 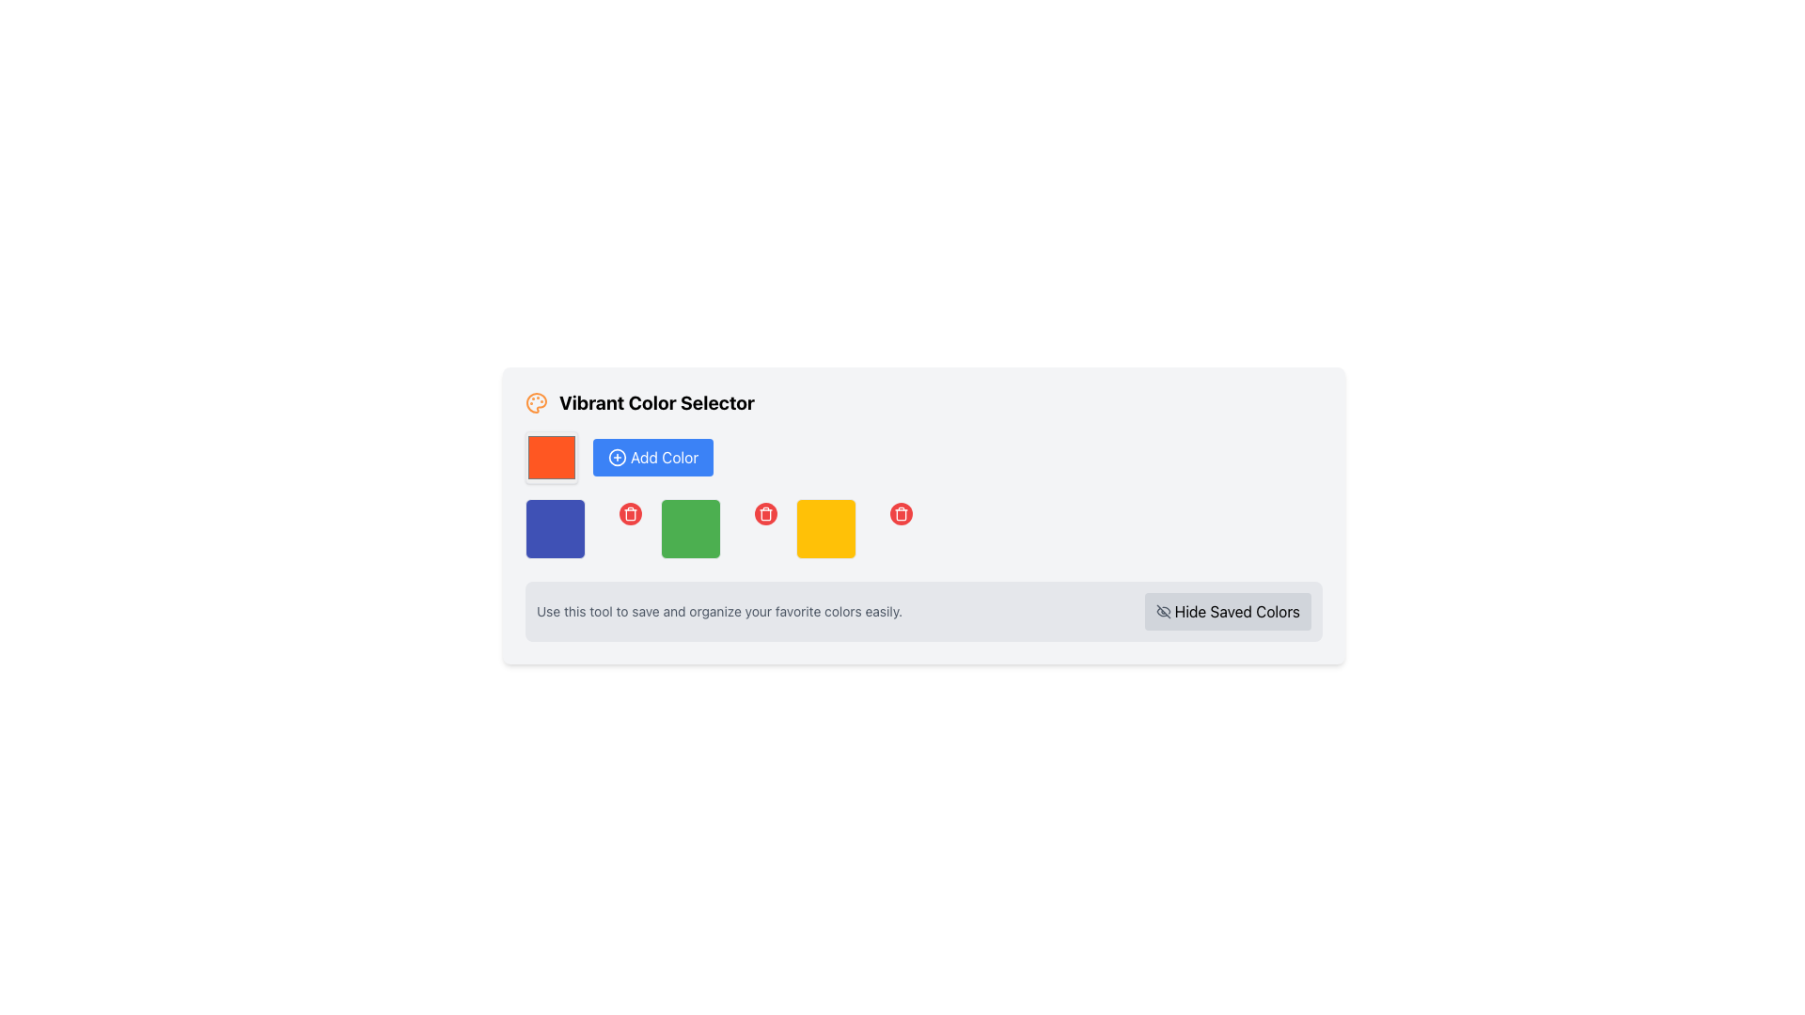 I want to click on the blue color selection tile, which is the second tile from the left in the color selector tool, located below the 'Add Color' button and to the right of the orange tile, so click(x=554, y=529).